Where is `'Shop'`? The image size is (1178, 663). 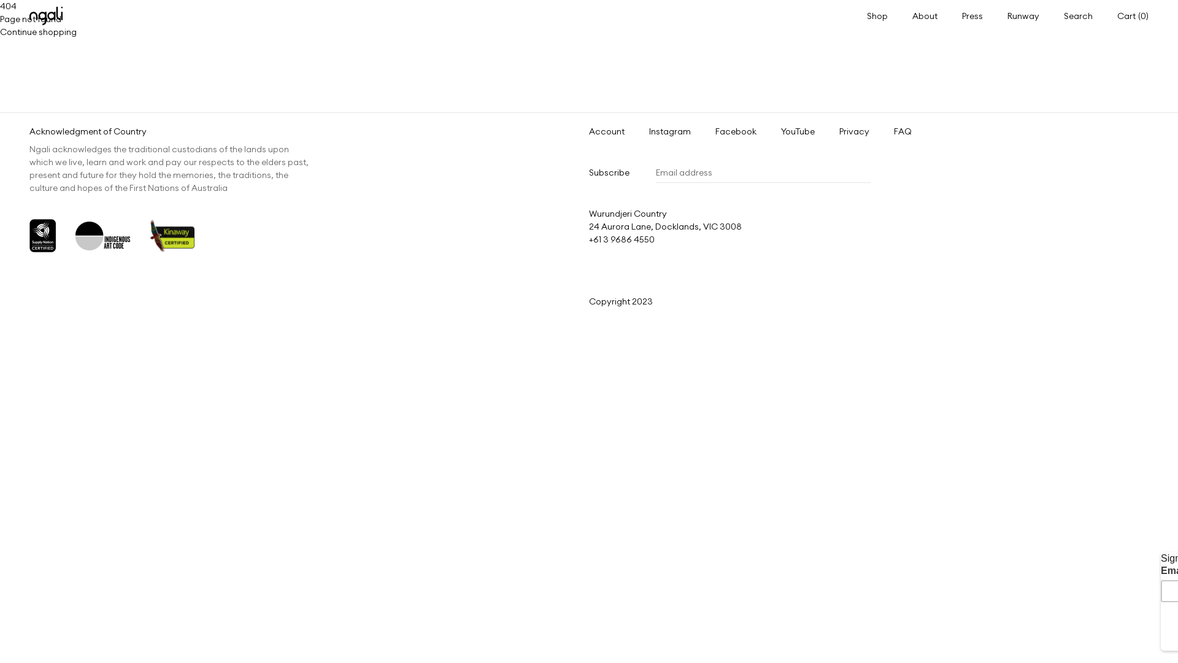
'Shop' is located at coordinates (866, 15).